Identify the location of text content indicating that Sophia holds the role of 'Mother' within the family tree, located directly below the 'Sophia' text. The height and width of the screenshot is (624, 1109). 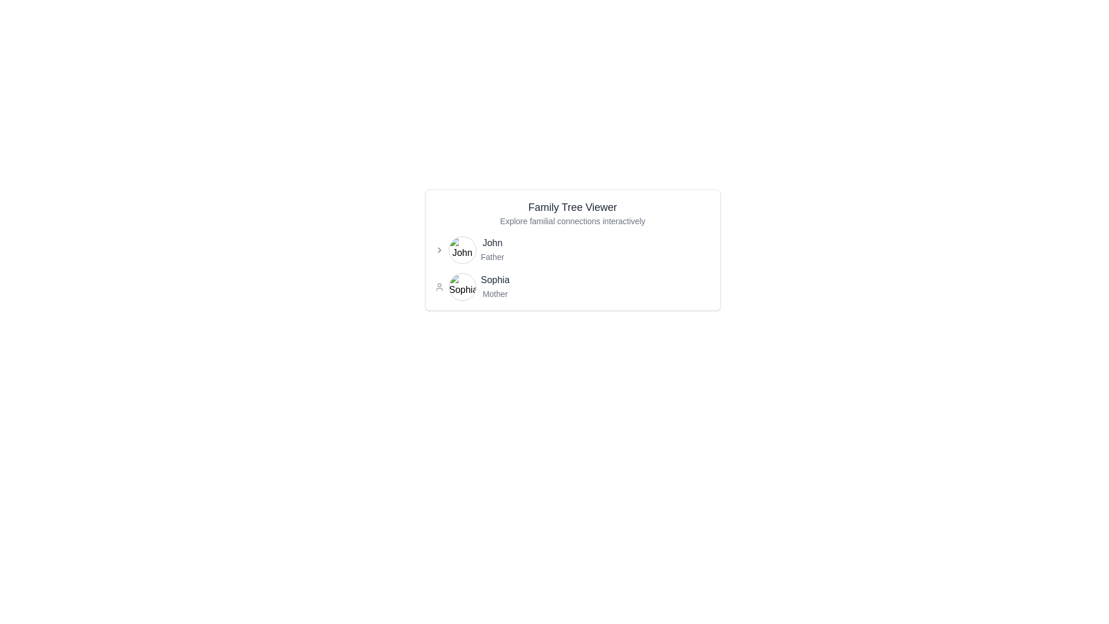
(495, 294).